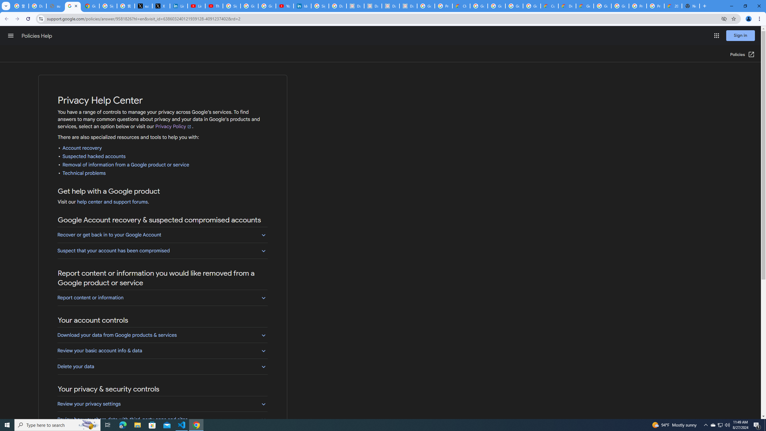  I want to click on 'Suspect that your account has been compromised', so click(162, 250).